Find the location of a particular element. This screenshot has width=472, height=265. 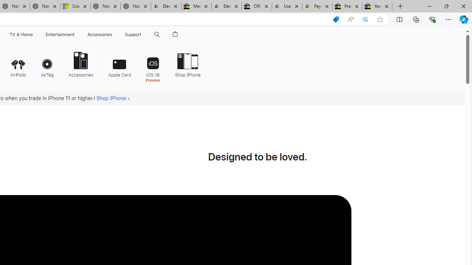

'AirTag' is located at coordinates (47, 63).